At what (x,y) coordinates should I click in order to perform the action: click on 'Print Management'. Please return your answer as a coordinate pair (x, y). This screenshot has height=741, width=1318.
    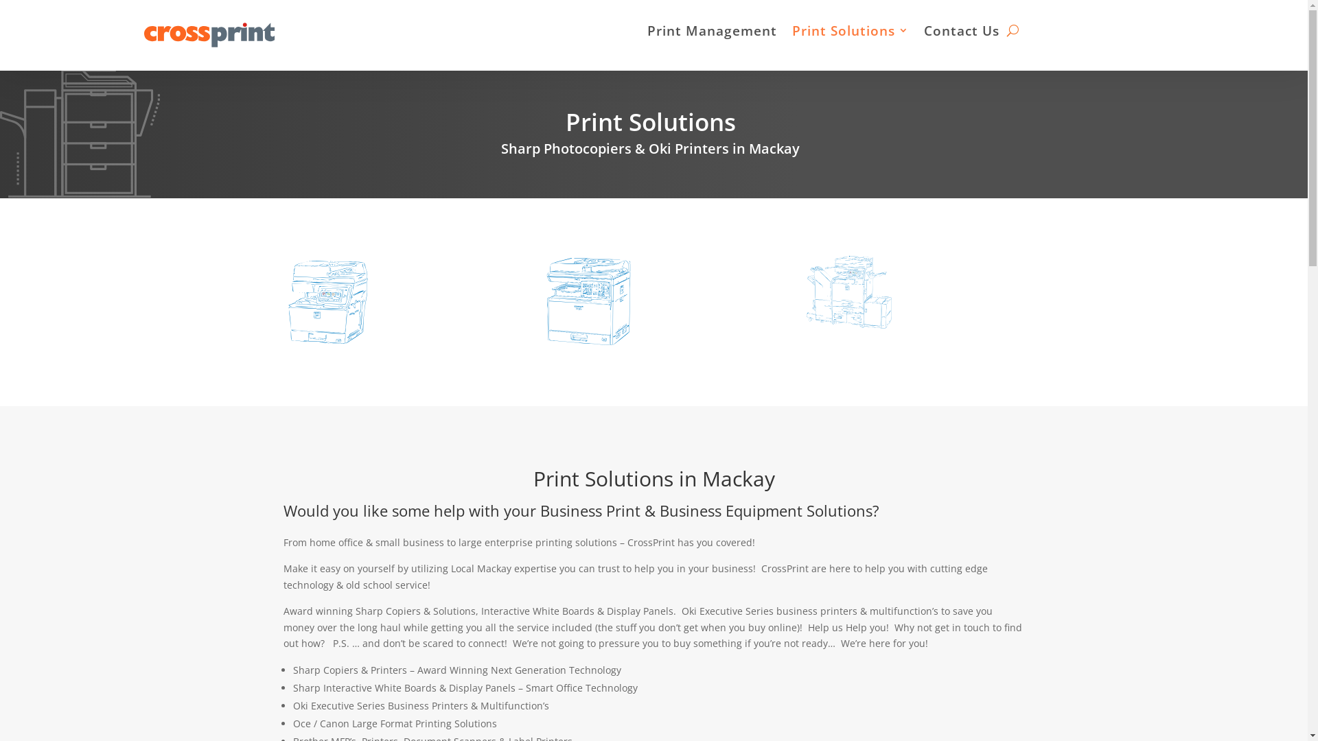
    Looking at the image, I should click on (646, 32).